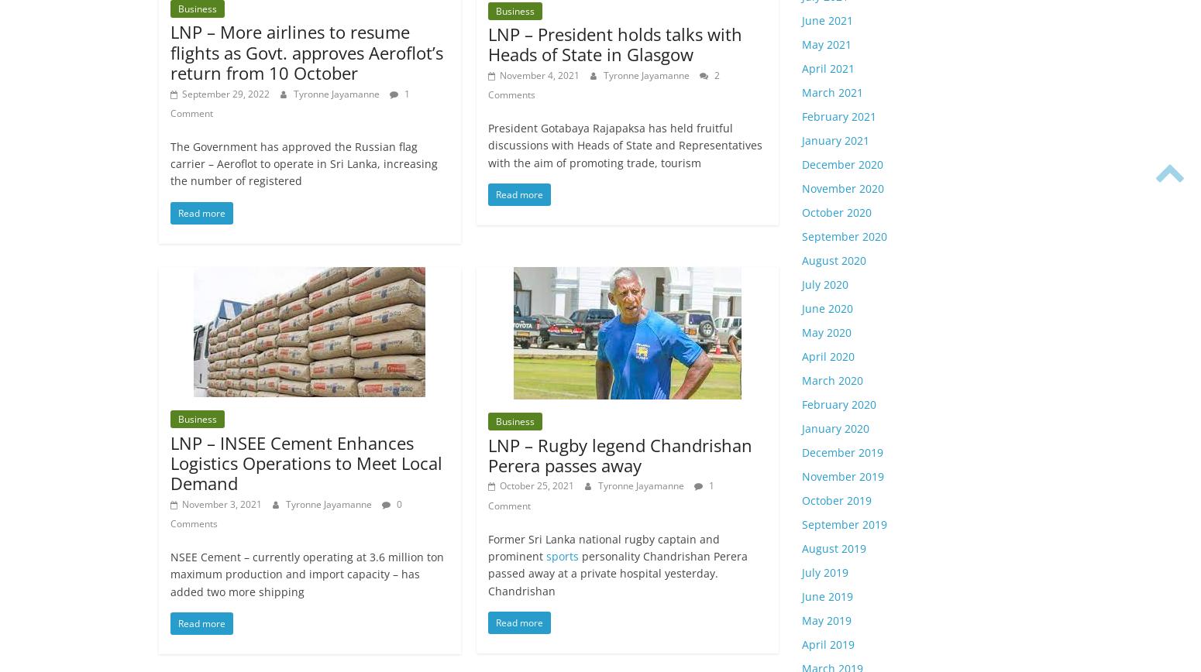 Image resolution: width=1201 pixels, height=672 pixels. Describe the element at coordinates (563, 556) in the screenshot. I see `'sports'` at that location.